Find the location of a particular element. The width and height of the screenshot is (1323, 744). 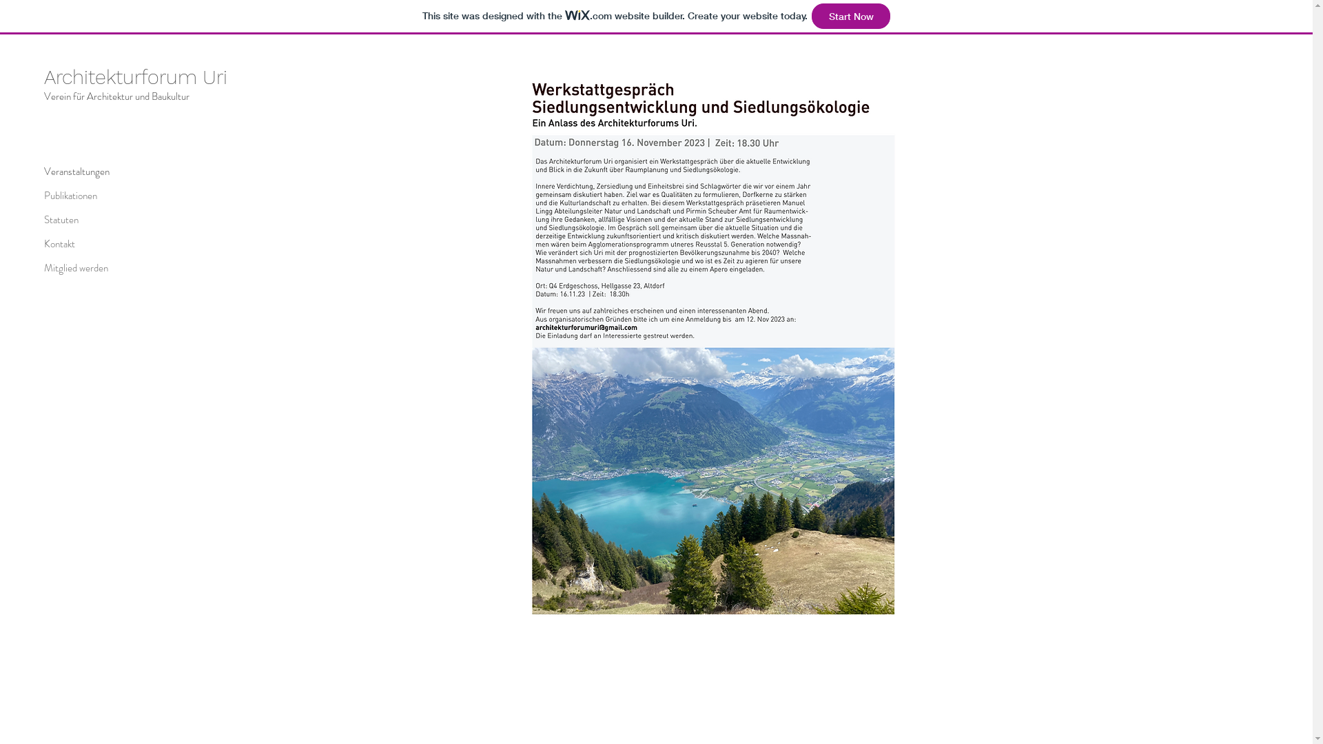

'Architekturforum Uri' is located at coordinates (135, 76).